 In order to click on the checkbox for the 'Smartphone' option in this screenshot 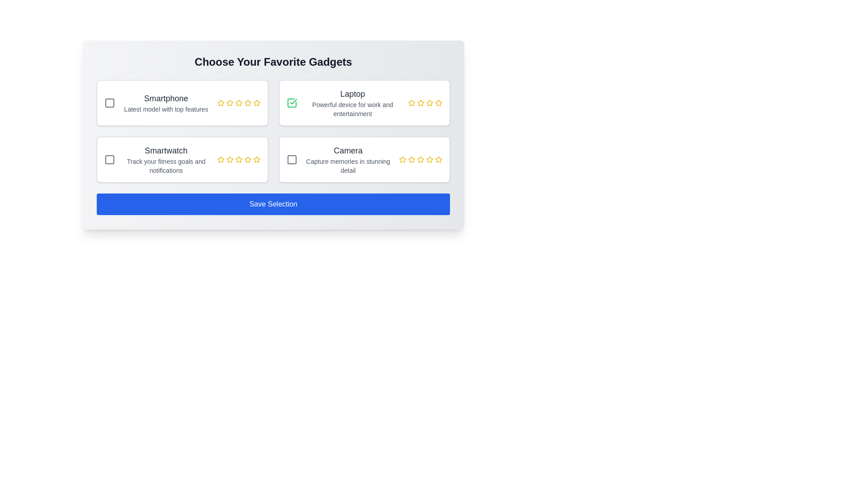, I will do `click(109, 102)`.